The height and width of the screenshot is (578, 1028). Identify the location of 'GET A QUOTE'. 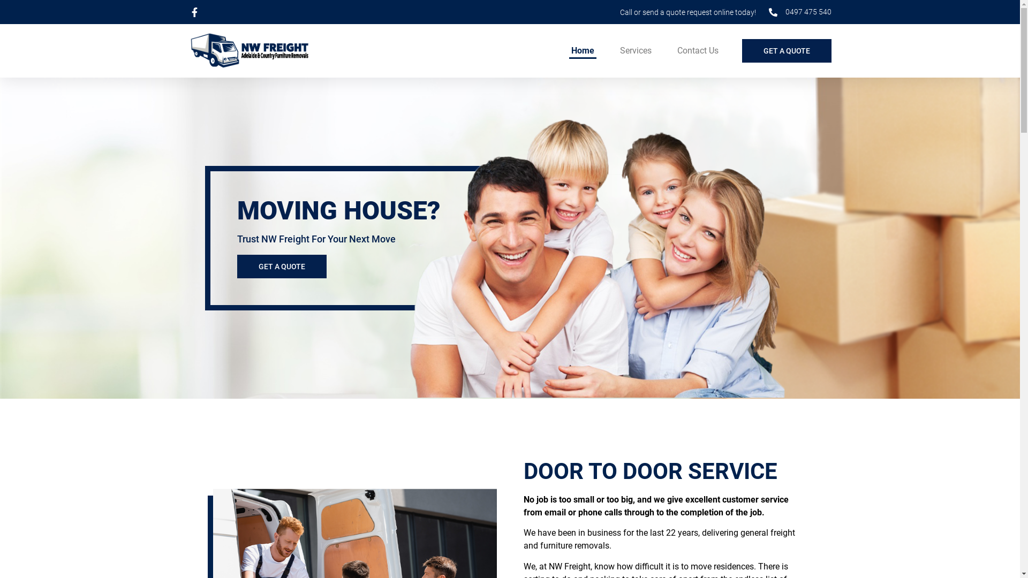
(236, 265).